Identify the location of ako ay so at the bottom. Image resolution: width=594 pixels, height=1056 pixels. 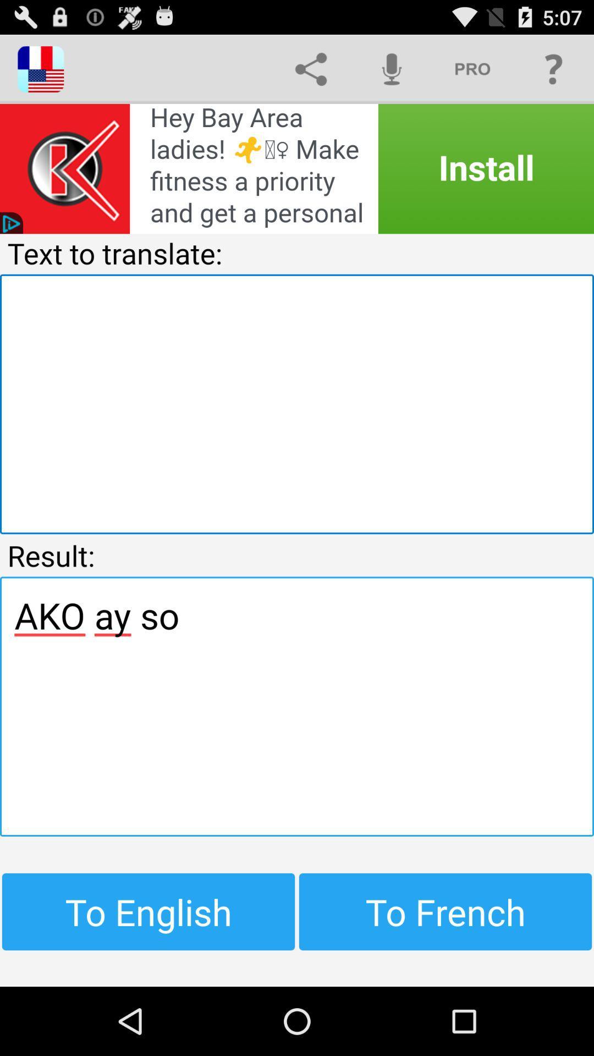
(297, 706).